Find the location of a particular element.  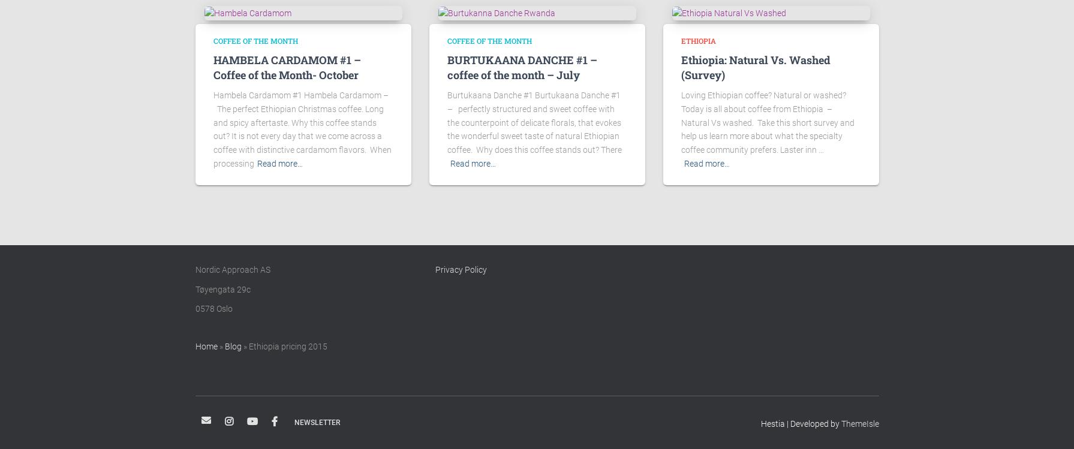

'Burtukaana Danche #1 Burtukaana Danche #1 –   perfectly structured and sweet coffee with the counterpoint of delicate florals, that evokes the wonderful sweet taste of natural Ethiopian coffee.  Why does this coffee stands out? There' is located at coordinates (534, 122).